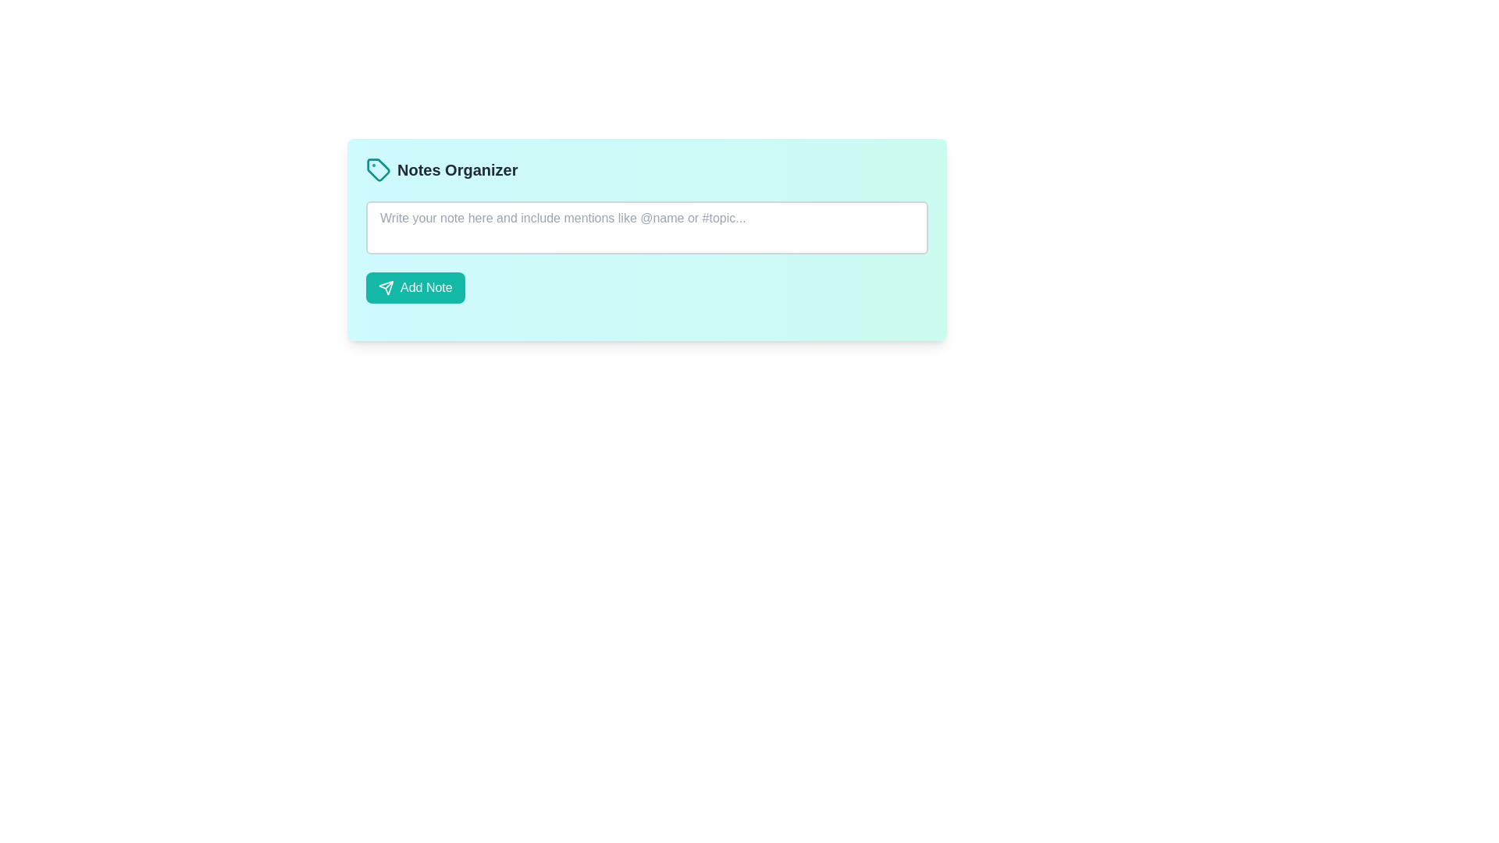  I want to click on the 'Add Note' button located in the bottom left corner of the light blue 'Notes Organizer' box, so click(415, 288).